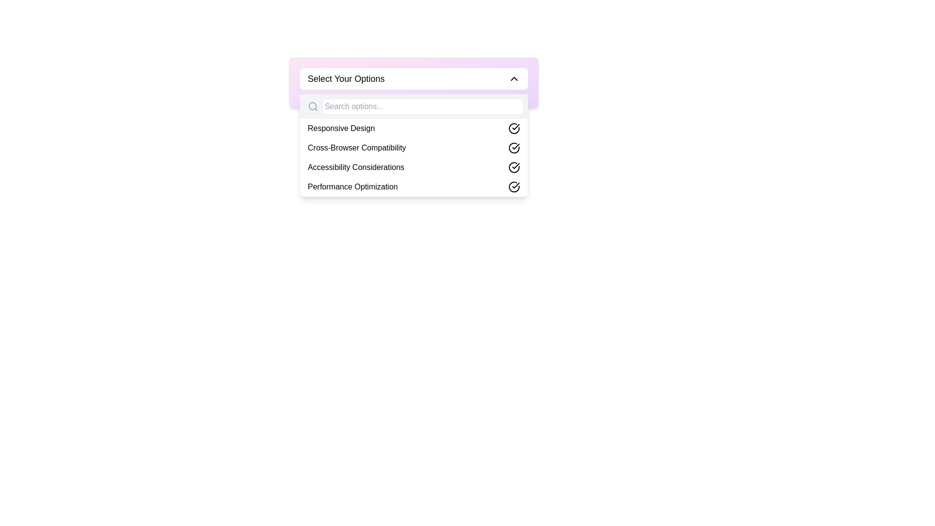 This screenshot has width=935, height=526. I want to click on the Dropdown button that displays 'Select Your Options', so click(413, 78).